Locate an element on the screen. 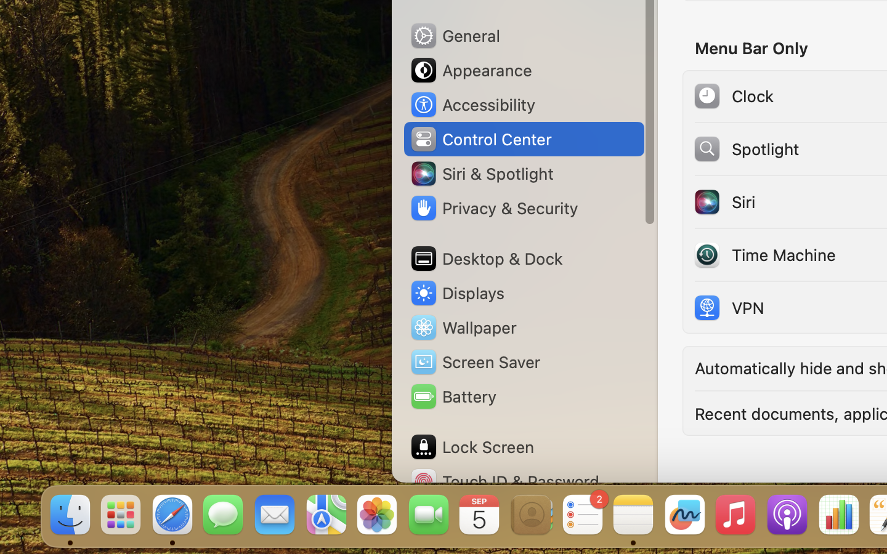  'Accessibility' is located at coordinates (471, 105).